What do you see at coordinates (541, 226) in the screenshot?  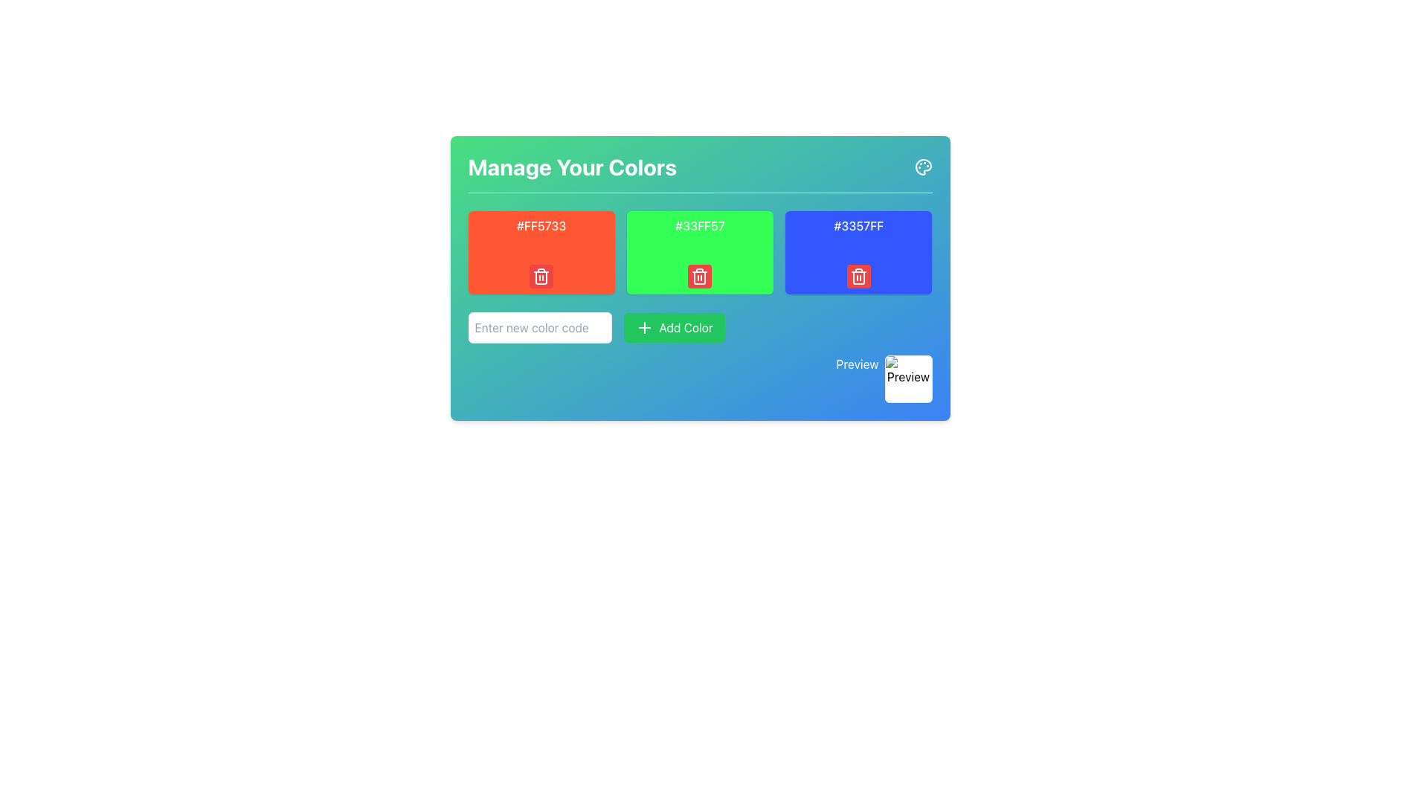 I see `text displayed in the color code element located in the first colored block from the left on the second row, under the title 'Manage Your Colors'` at bounding box center [541, 226].